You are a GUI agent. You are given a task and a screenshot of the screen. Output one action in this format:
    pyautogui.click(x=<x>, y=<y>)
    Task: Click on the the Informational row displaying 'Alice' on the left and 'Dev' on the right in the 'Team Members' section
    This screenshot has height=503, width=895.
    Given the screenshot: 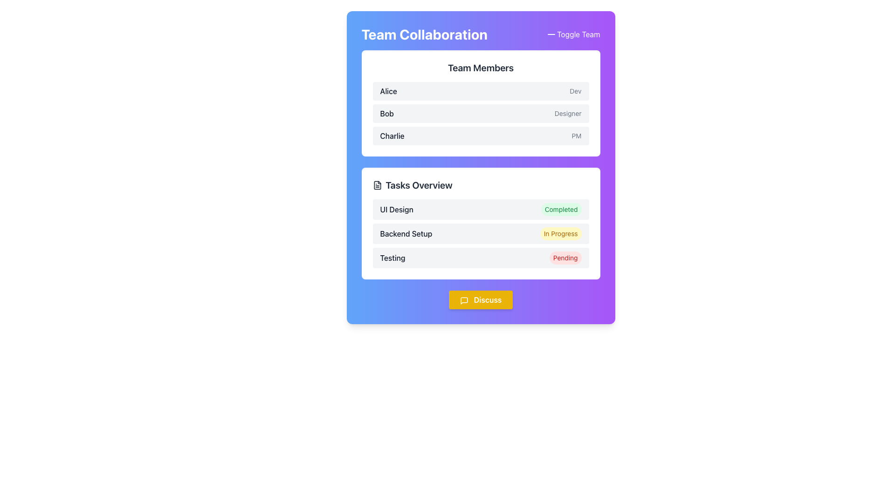 What is the action you would take?
    pyautogui.click(x=481, y=91)
    